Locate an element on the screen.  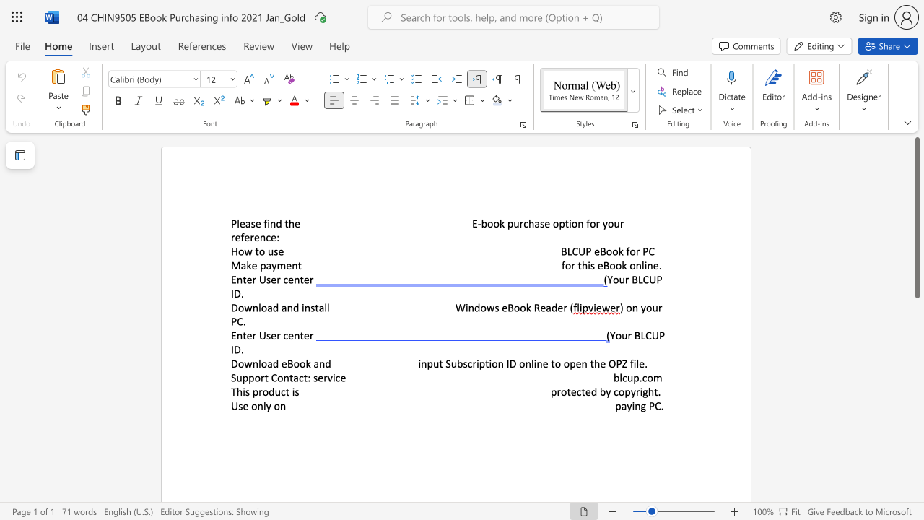
the subset text "right" within the text "protected by copyright." is located at coordinates (635, 391).